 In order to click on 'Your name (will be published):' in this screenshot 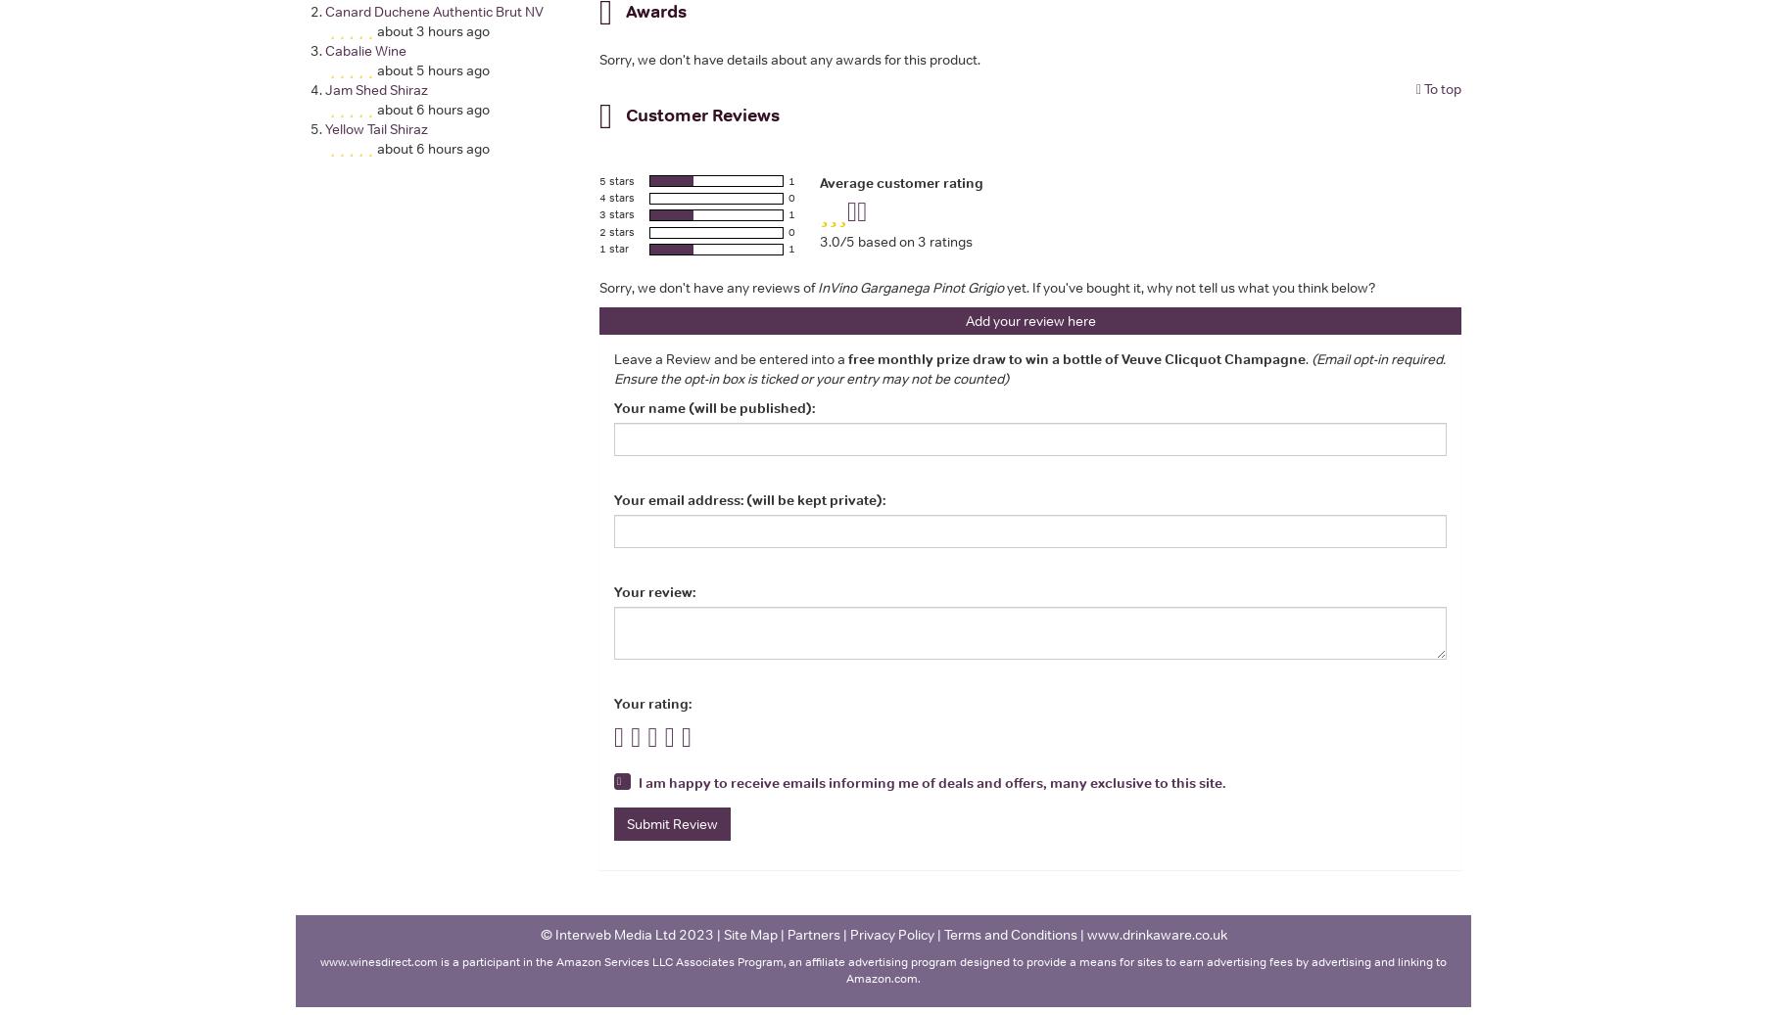, I will do `click(613, 406)`.